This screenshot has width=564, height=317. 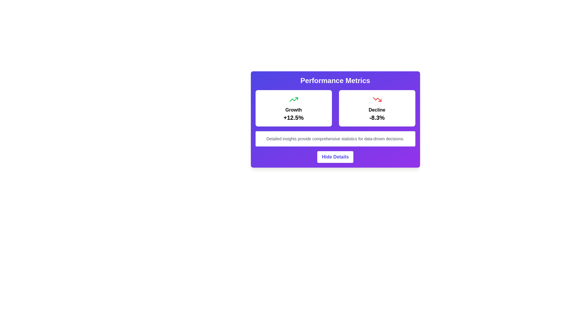 What do you see at coordinates (377, 108) in the screenshot?
I see `the Information card displaying performance metrics with a decline of 8.3%, located beside the 'Growth' card in the two-column grid` at bounding box center [377, 108].